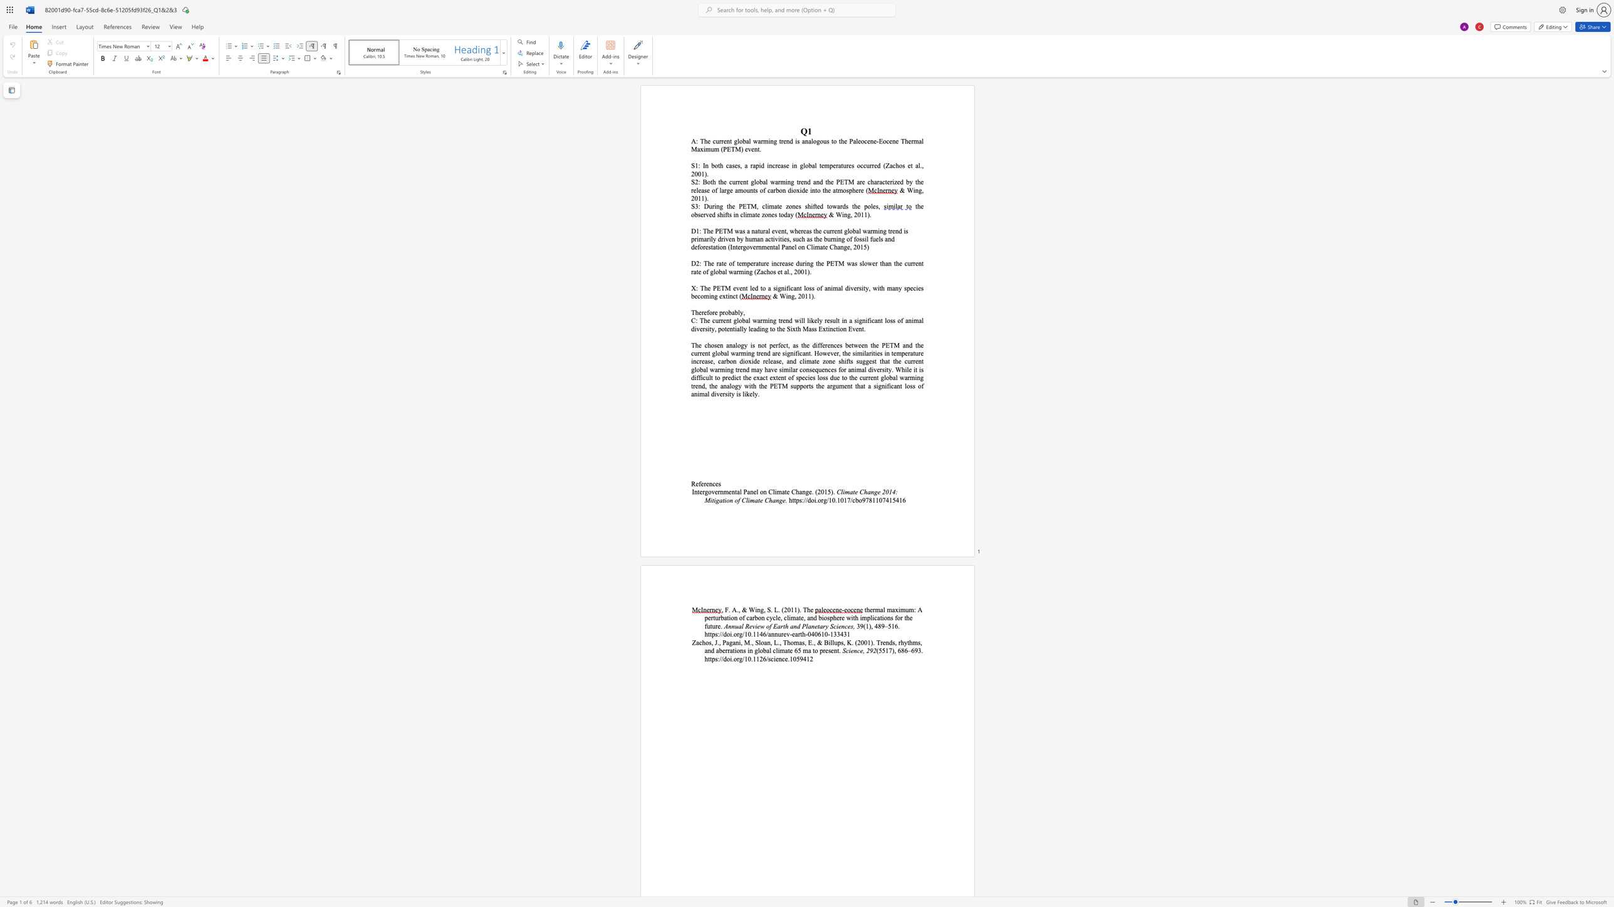 This screenshot has width=1614, height=907. What do you see at coordinates (702, 483) in the screenshot?
I see `the 2th character "e" in the text` at bounding box center [702, 483].